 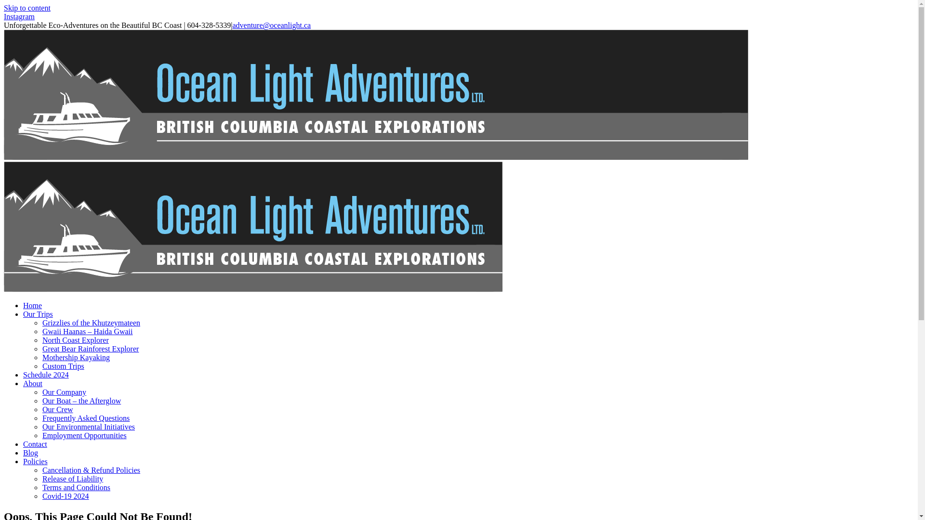 What do you see at coordinates (88, 426) in the screenshot?
I see `'Our Environmental Initiatives'` at bounding box center [88, 426].